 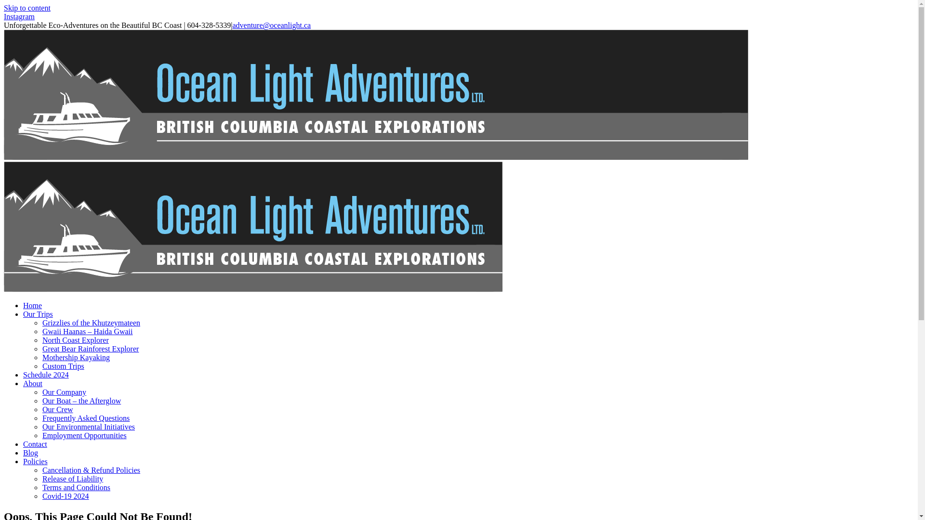 What do you see at coordinates (88, 426) in the screenshot?
I see `'Our Environmental Initiatives'` at bounding box center [88, 426].